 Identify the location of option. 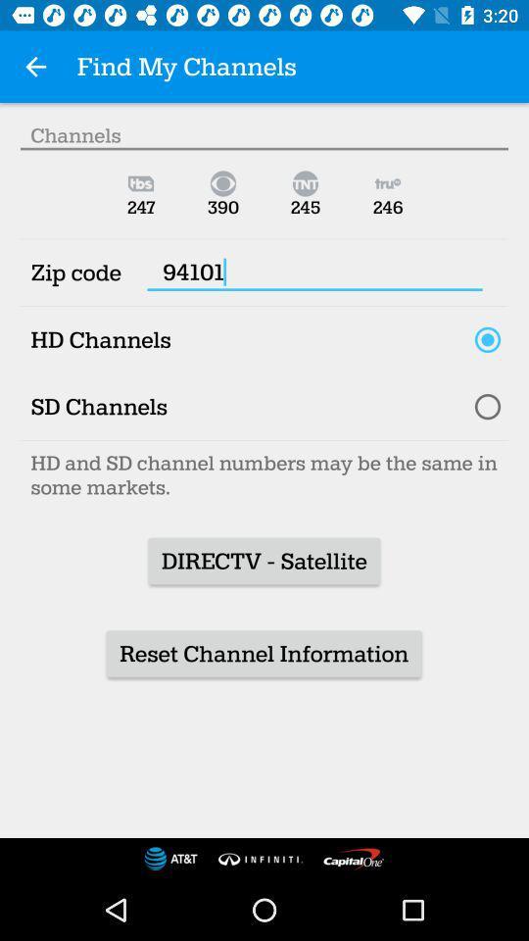
(486, 406).